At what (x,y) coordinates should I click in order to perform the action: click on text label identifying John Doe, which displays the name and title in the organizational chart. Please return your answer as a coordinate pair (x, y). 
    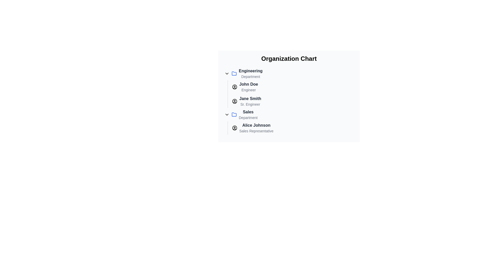
    Looking at the image, I should click on (249, 84).